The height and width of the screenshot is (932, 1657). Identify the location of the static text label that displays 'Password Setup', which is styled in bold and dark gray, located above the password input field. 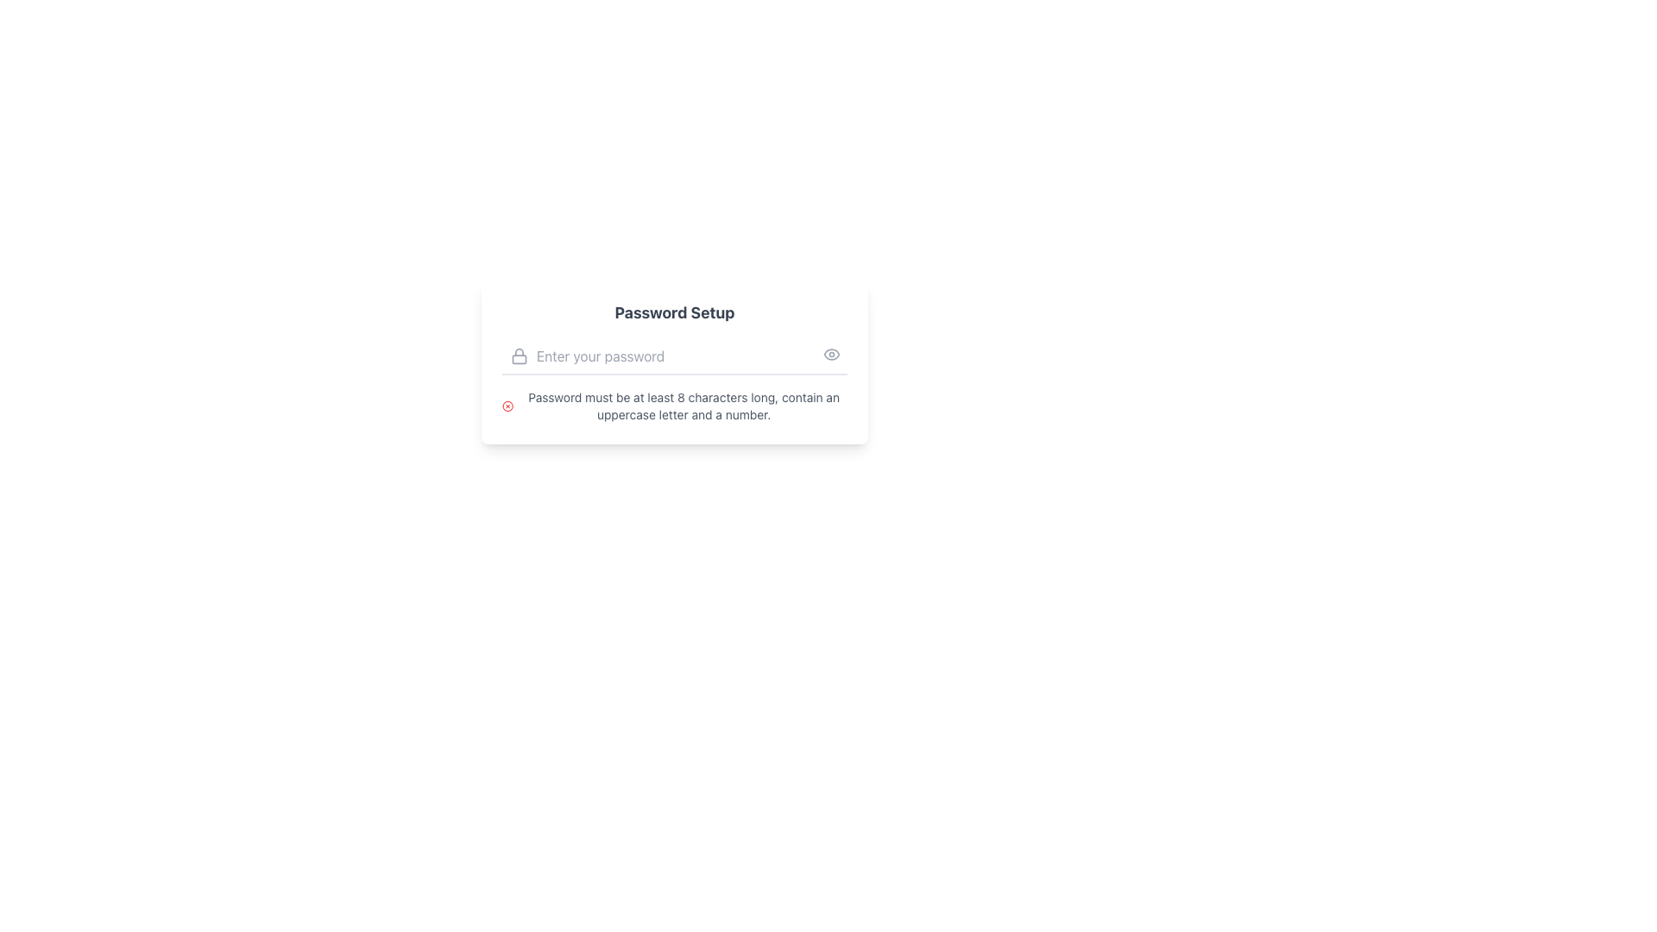
(674, 312).